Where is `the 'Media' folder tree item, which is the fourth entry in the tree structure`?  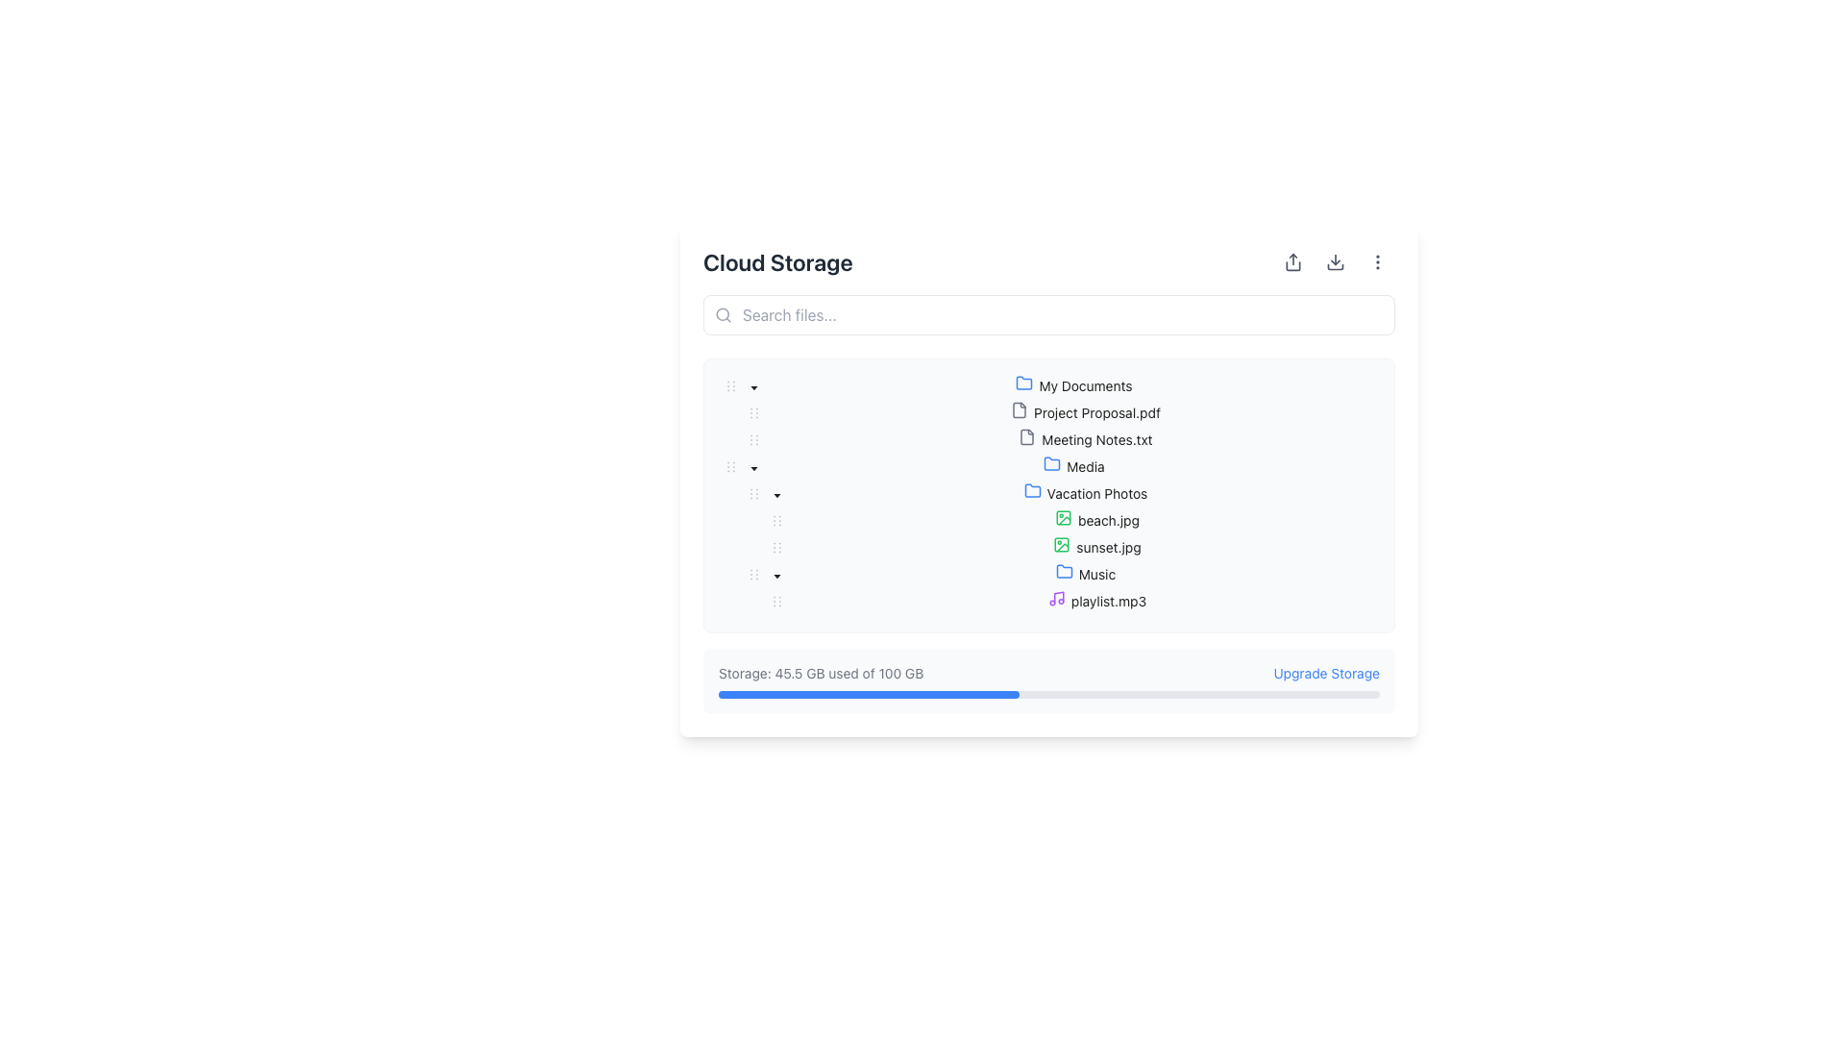
the 'Media' folder tree item, which is the fourth entry in the tree structure is located at coordinates (1047, 467).